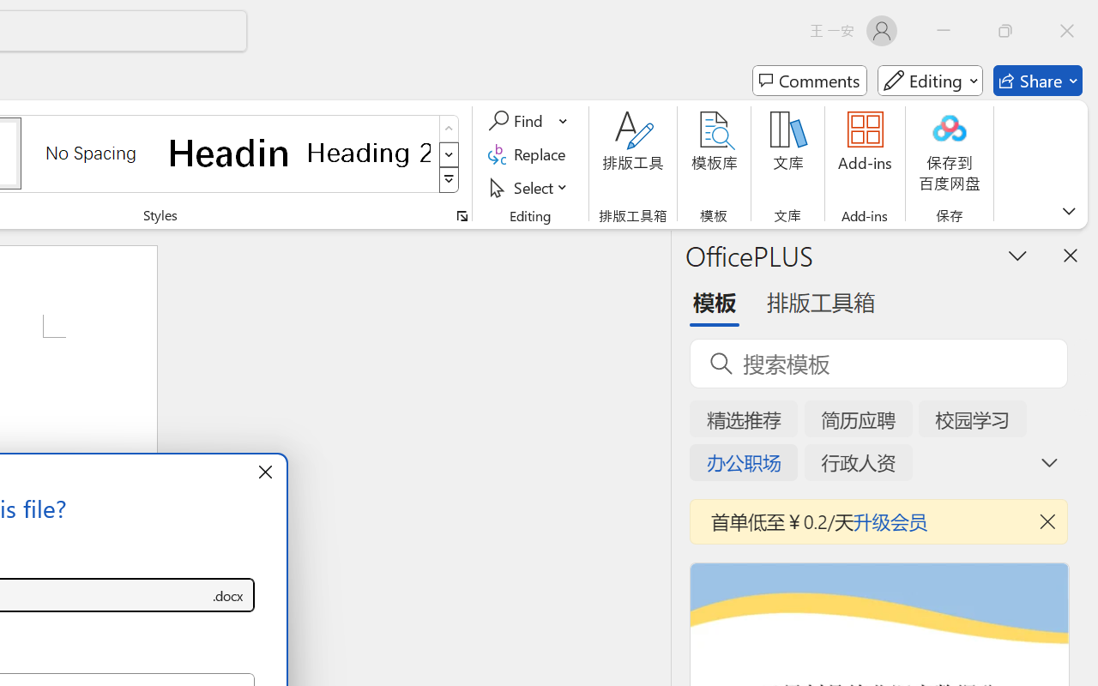 This screenshot has width=1098, height=686. What do you see at coordinates (368, 152) in the screenshot?
I see `'Heading 2'` at bounding box center [368, 152].